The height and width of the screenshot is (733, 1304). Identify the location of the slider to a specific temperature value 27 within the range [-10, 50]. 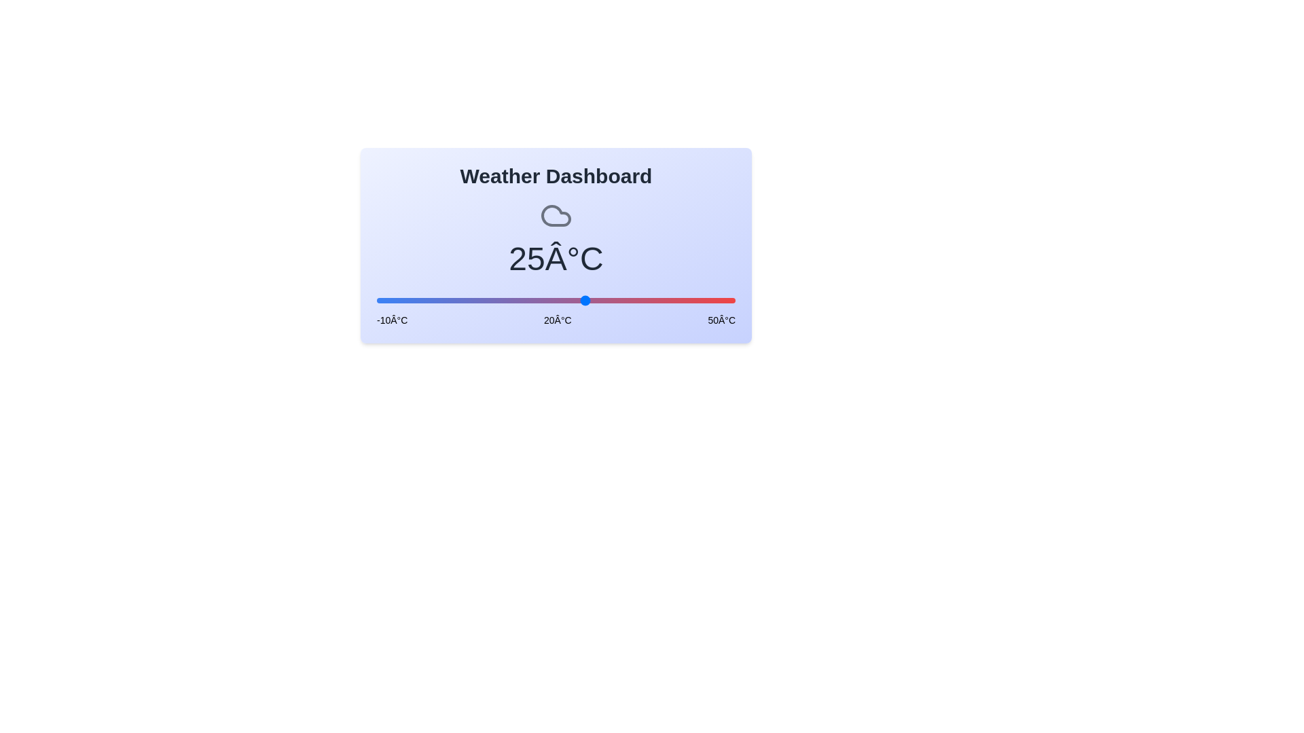
(598, 300).